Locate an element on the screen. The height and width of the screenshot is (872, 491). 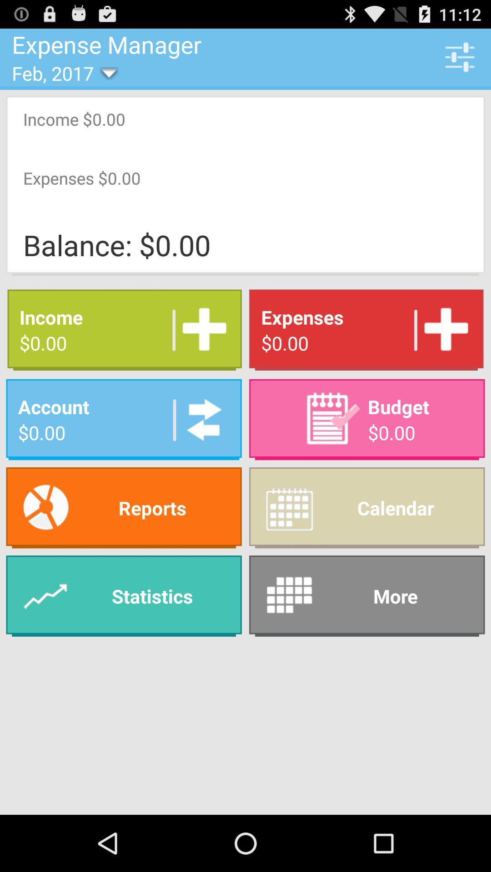
the reports is located at coordinates (124, 507).